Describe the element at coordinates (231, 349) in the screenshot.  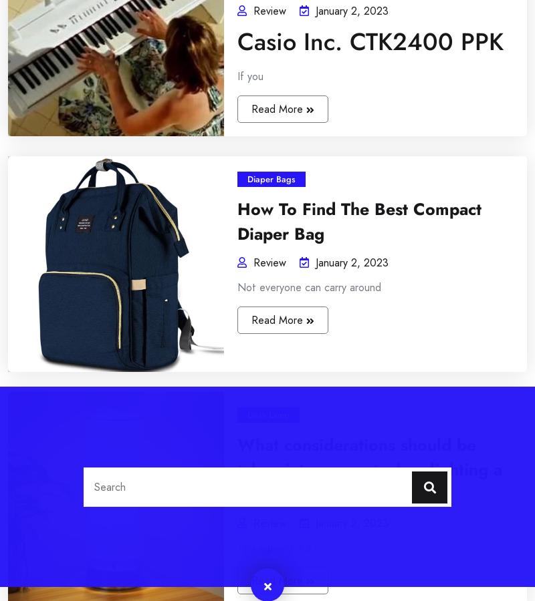
I see `'Diaper Bags'` at that location.